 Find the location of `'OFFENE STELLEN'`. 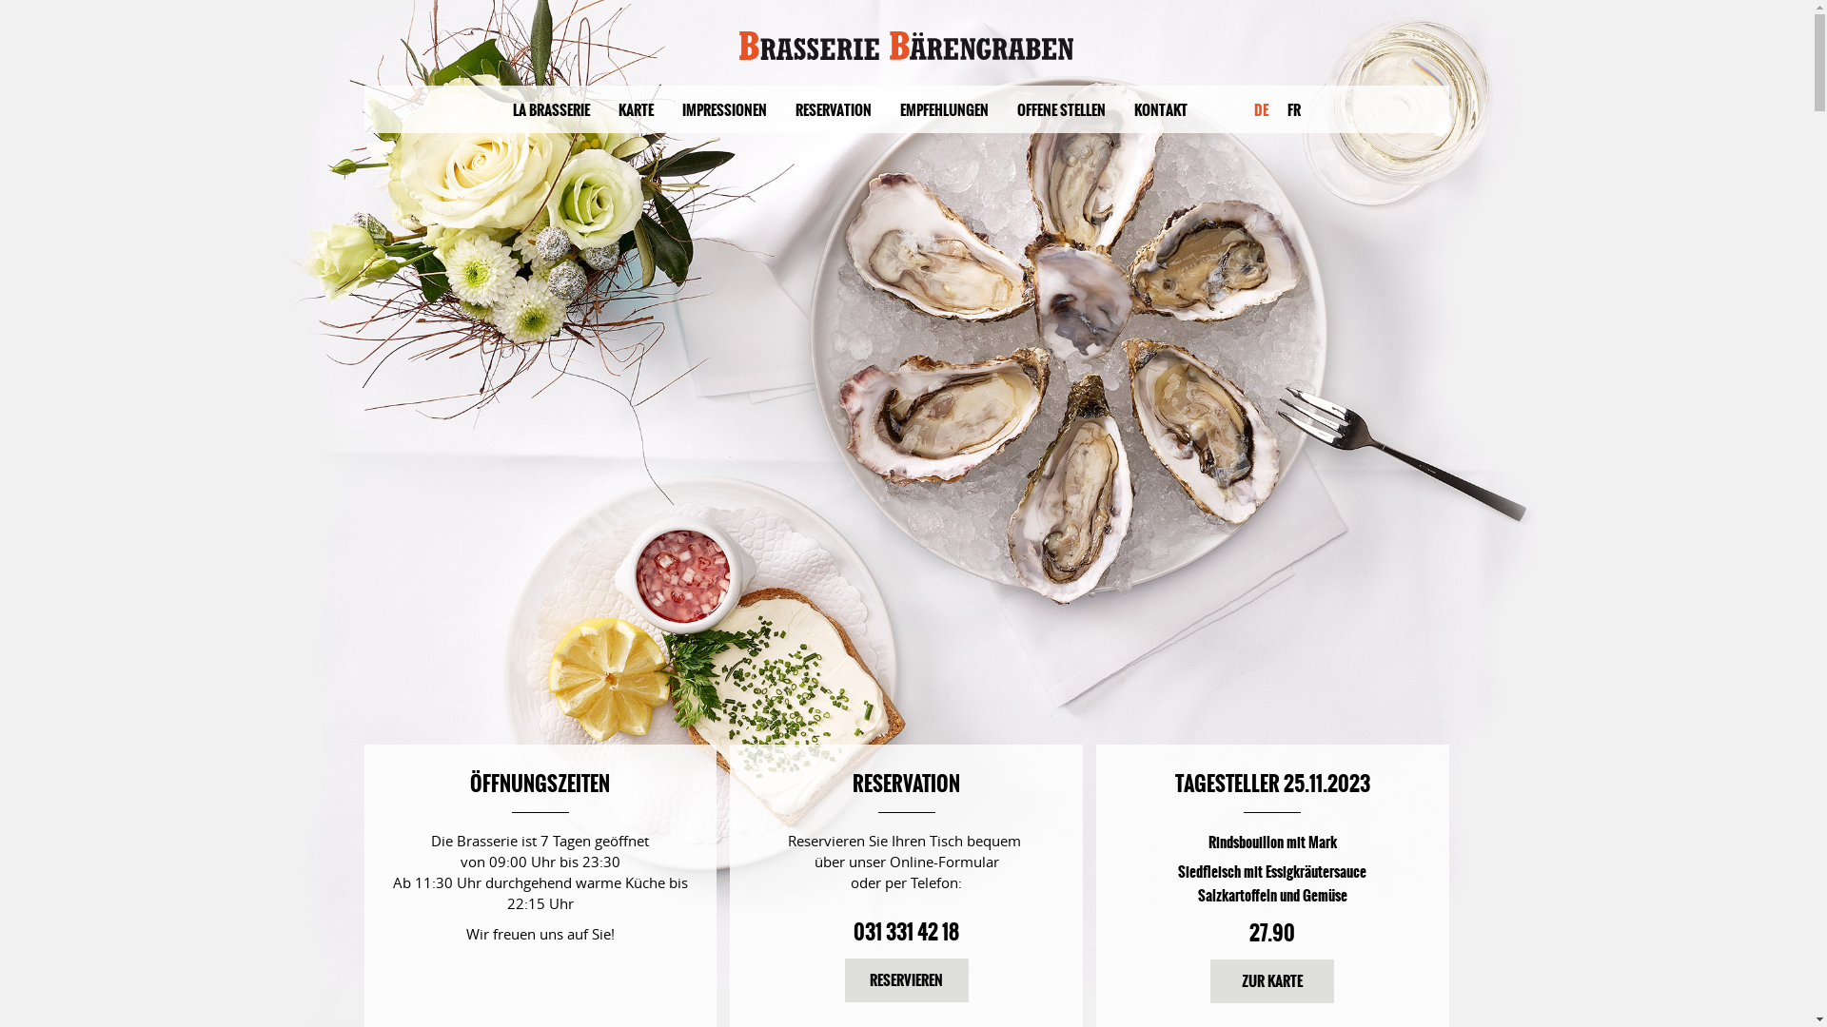

'OFFENE STELLEN' is located at coordinates (1060, 109).